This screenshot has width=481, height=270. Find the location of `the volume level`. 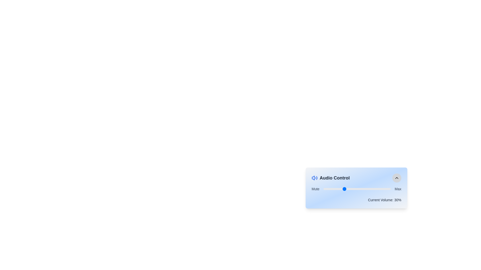

the volume level is located at coordinates (389, 189).